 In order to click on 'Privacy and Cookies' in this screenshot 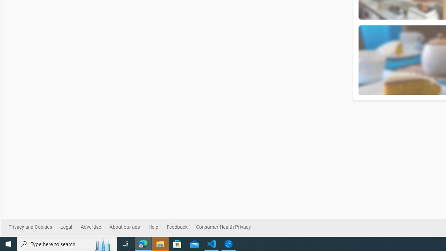, I will do `click(30, 227)`.